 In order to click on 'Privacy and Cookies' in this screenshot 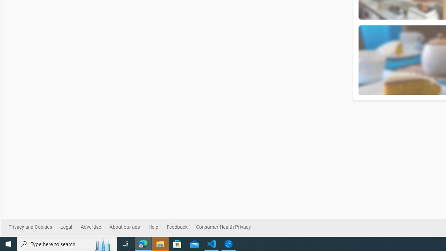, I will do `click(30, 227)`.